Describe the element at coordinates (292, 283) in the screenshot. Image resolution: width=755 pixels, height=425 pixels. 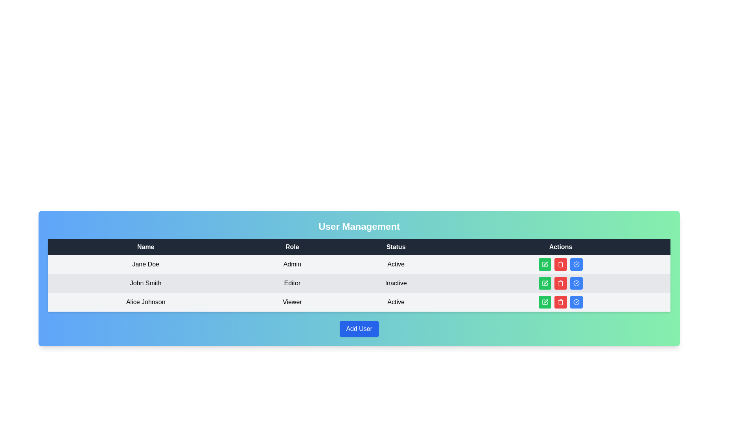
I see `the text field labeled 'Editor', which is located in the second column of the second row of the table, directly beneath 'John Smith' and to the left of 'Inactive'` at that location.